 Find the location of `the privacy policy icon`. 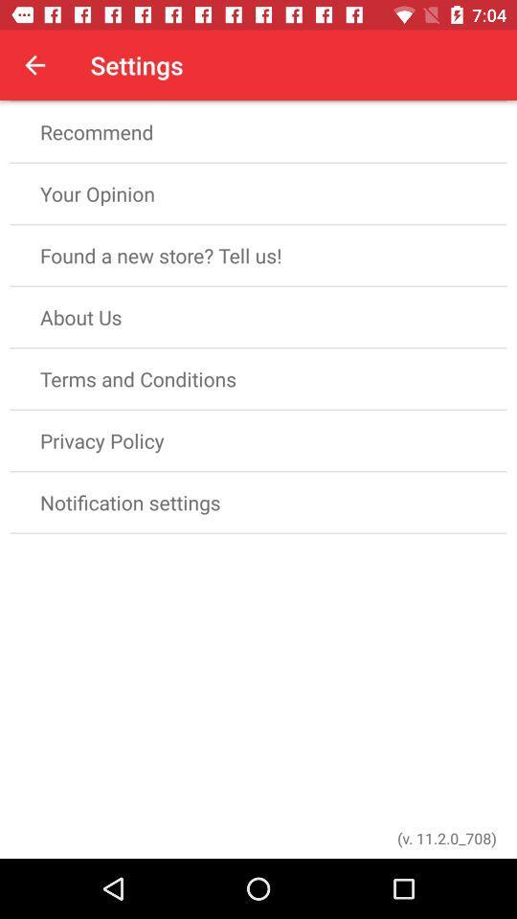

the privacy policy icon is located at coordinates (258, 440).